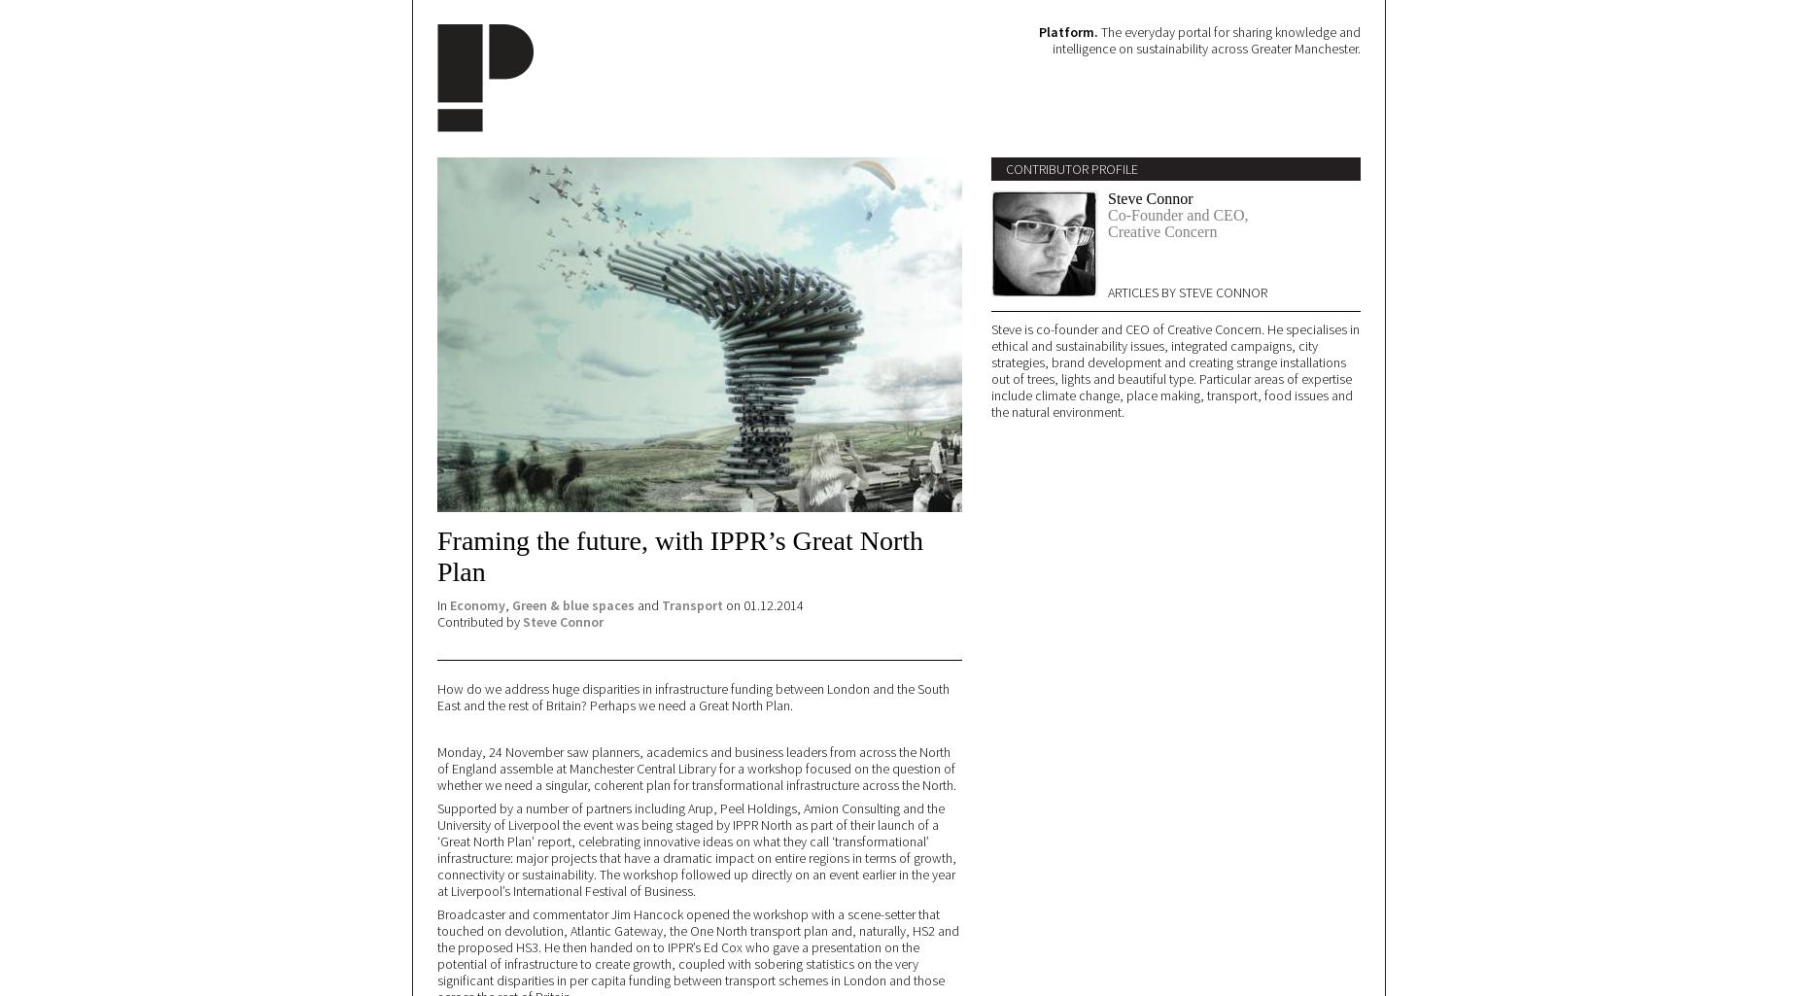 The width and height of the screenshot is (1798, 996). I want to click on 'Articles by Steve Connor', so click(1106, 292).